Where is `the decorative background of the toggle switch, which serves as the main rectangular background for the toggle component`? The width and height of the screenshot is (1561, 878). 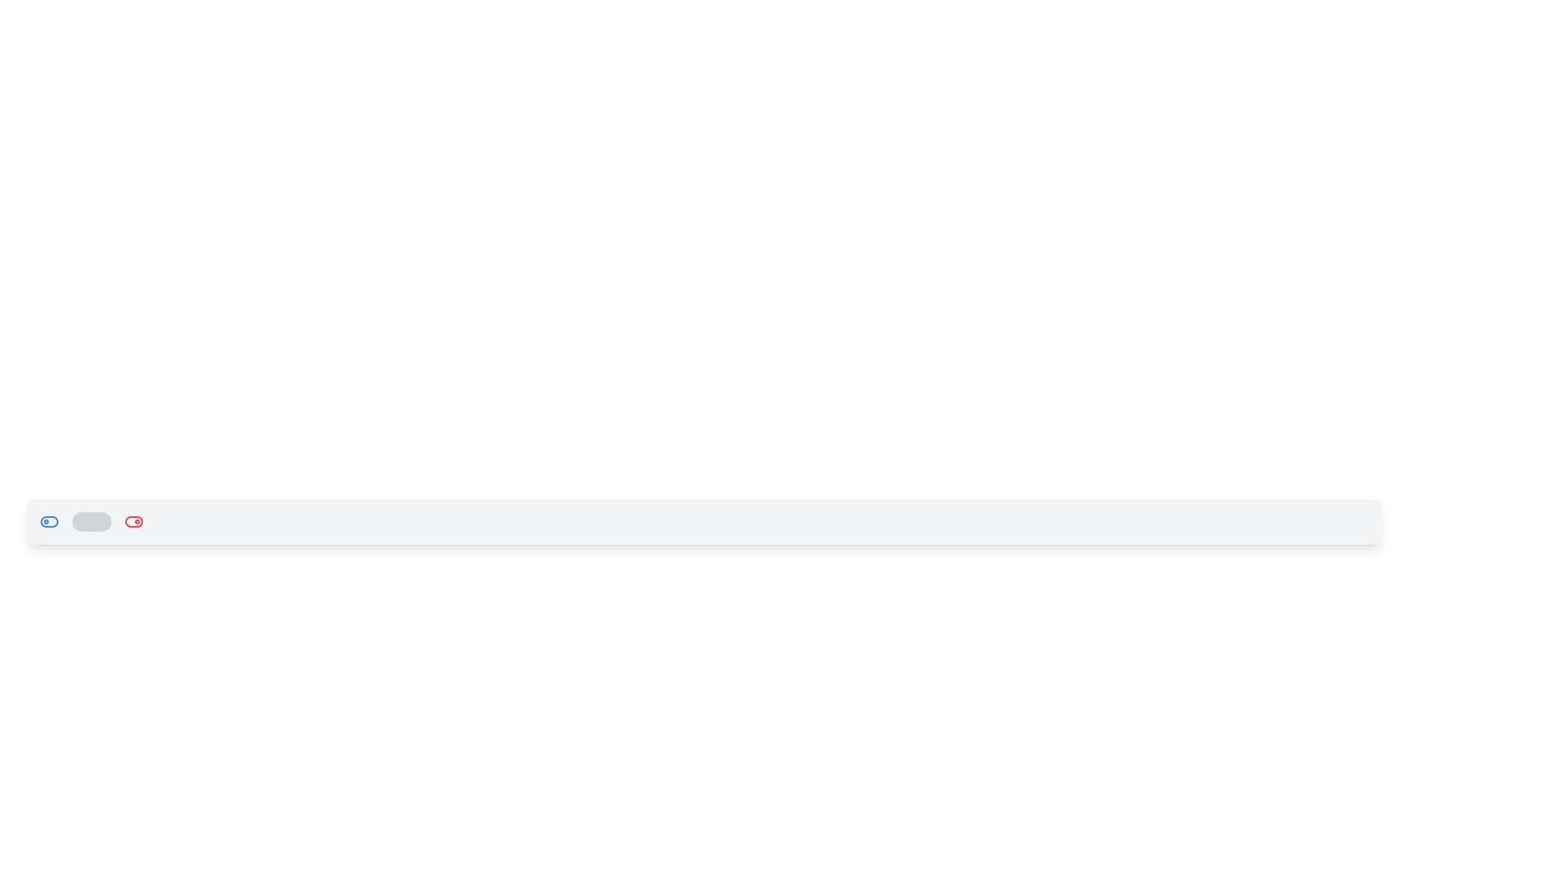 the decorative background of the toggle switch, which serves as the main rectangular background for the toggle component is located at coordinates (133, 521).